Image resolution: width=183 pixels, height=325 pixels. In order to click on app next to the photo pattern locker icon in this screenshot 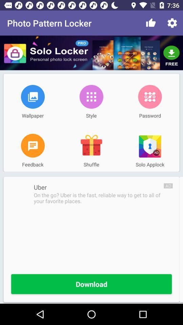, I will do `click(151, 23)`.